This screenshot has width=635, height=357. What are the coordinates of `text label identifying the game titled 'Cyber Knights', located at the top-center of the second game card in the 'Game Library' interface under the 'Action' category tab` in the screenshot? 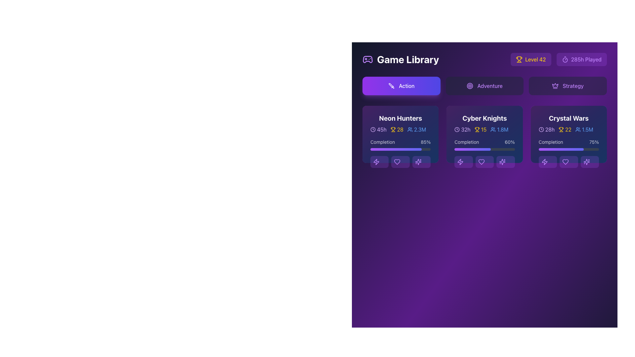 It's located at (485, 118).